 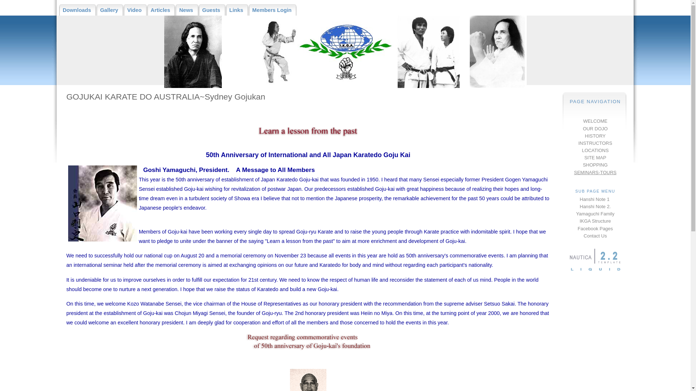 What do you see at coordinates (595, 206) in the screenshot?
I see `'Hanshi Note 2.'` at bounding box center [595, 206].